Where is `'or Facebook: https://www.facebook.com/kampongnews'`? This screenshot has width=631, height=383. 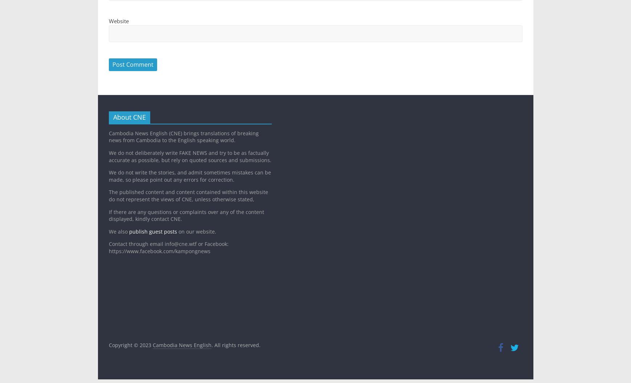
'or Facebook: https://www.facebook.com/kampongnews' is located at coordinates (168, 247).